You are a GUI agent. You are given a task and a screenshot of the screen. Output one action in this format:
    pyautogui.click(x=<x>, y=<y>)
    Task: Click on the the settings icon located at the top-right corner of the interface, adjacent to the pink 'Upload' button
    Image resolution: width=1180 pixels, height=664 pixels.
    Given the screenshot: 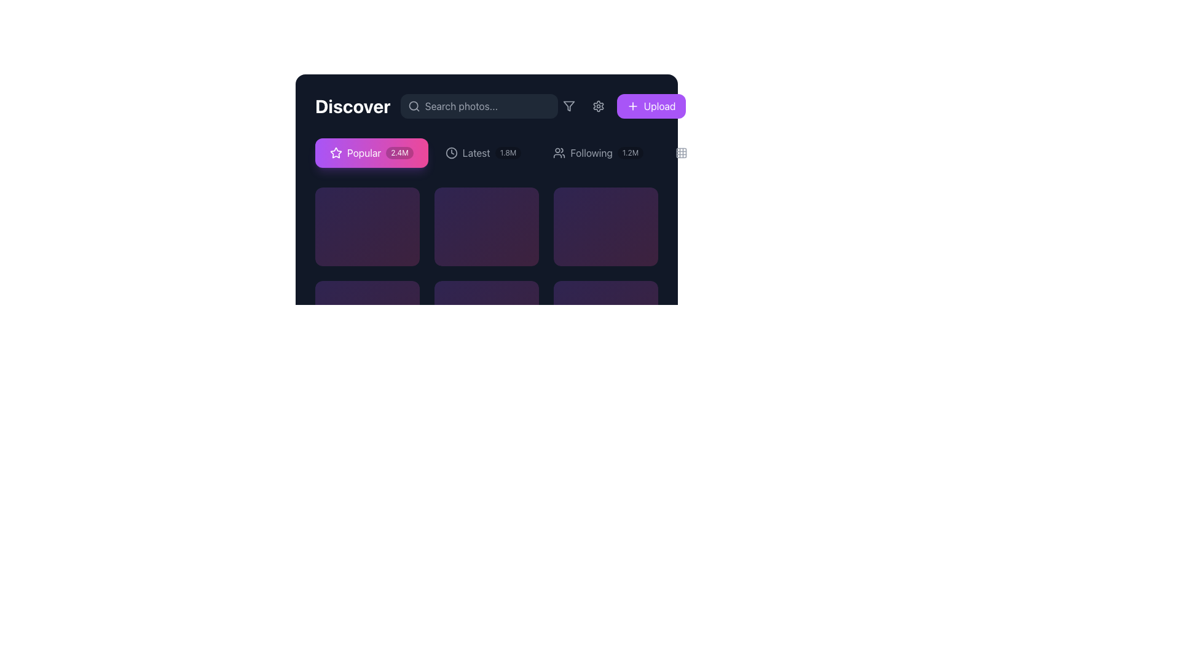 What is the action you would take?
    pyautogui.click(x=598, y=106)
    